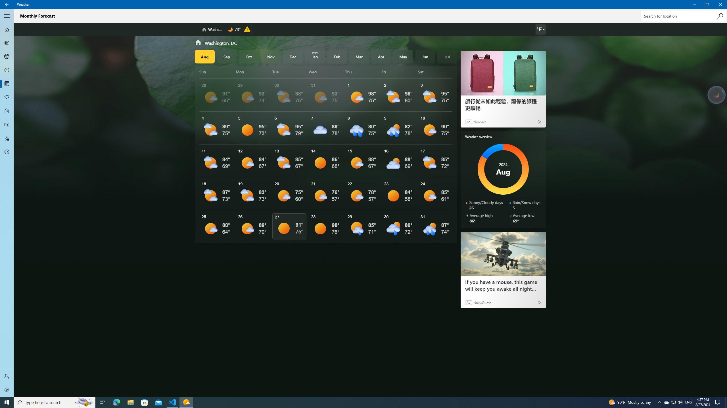  What do you see at coordinates (7, 152) in the screenshot?
I see `'Send Feedback - Not Selected'` at bounding box center [7, 152].